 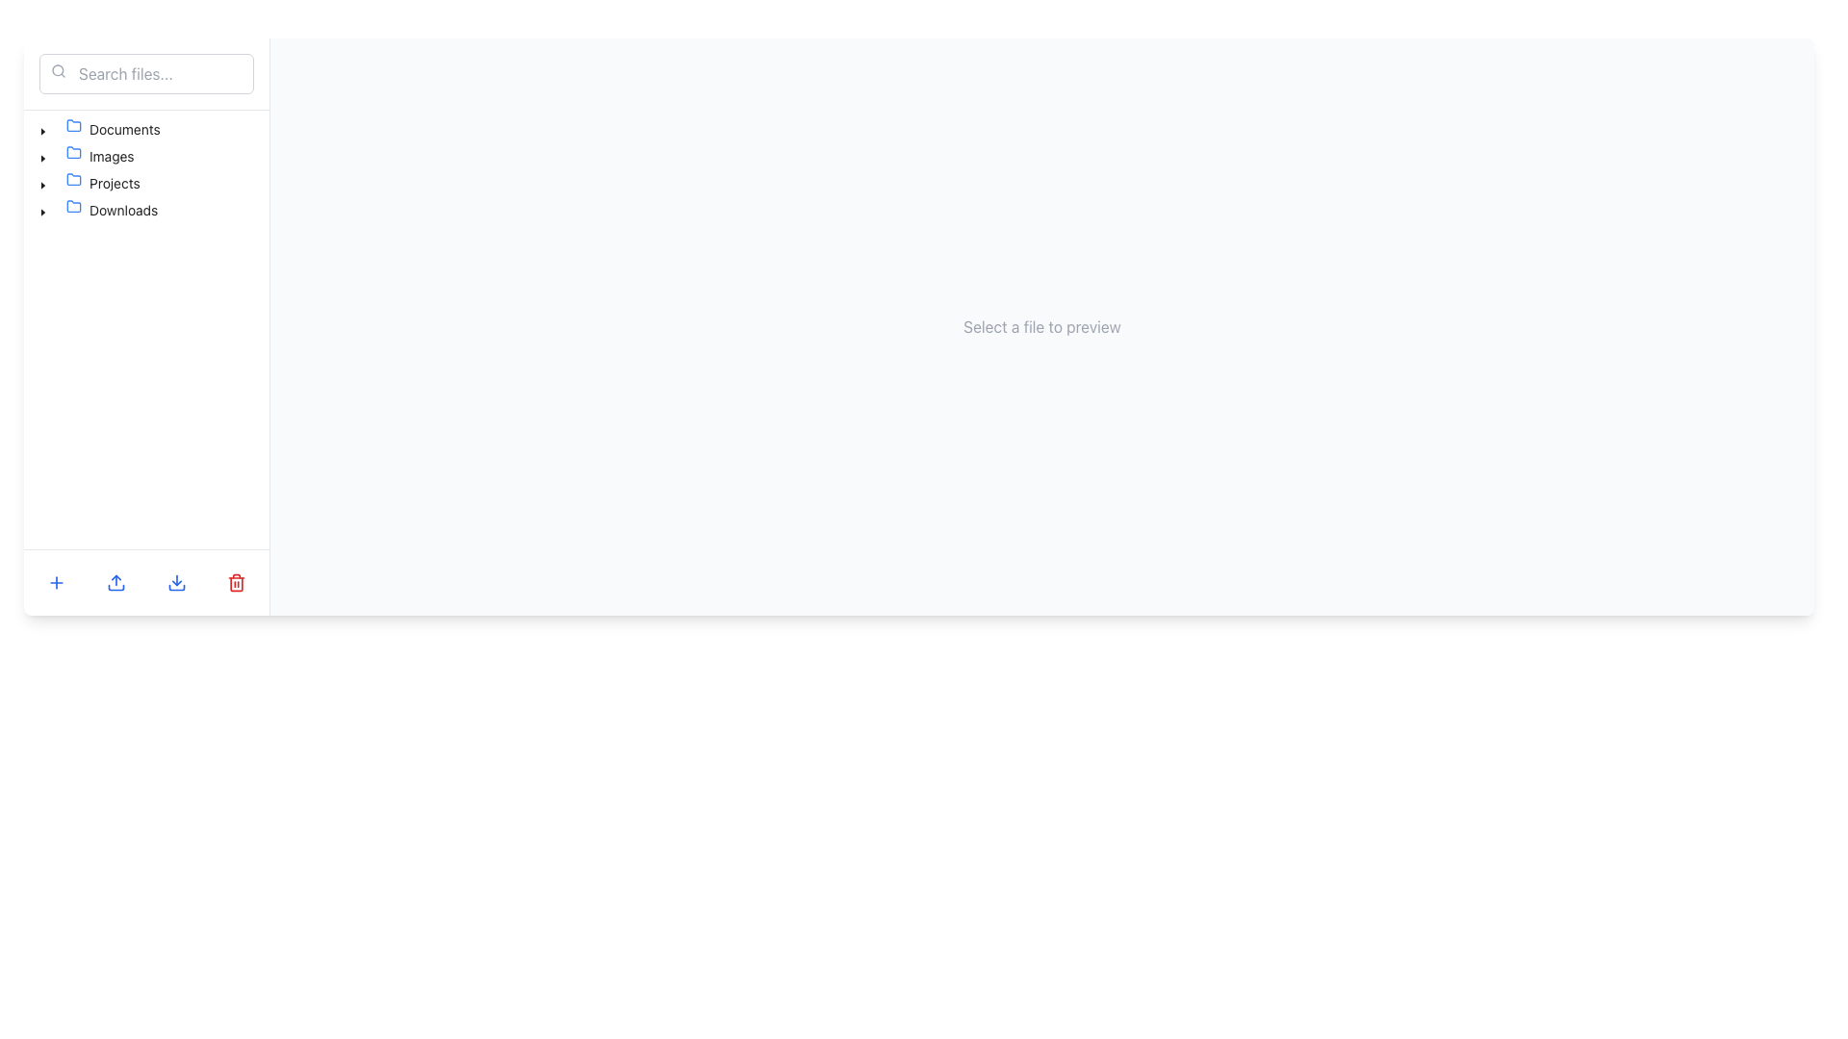 What do you see at coordinates (42, 158) in the screenshot?
I see `the small downward-pointing triangle icon in the tree view next to the 'Images' folder label` at bounding box center [42, 158].